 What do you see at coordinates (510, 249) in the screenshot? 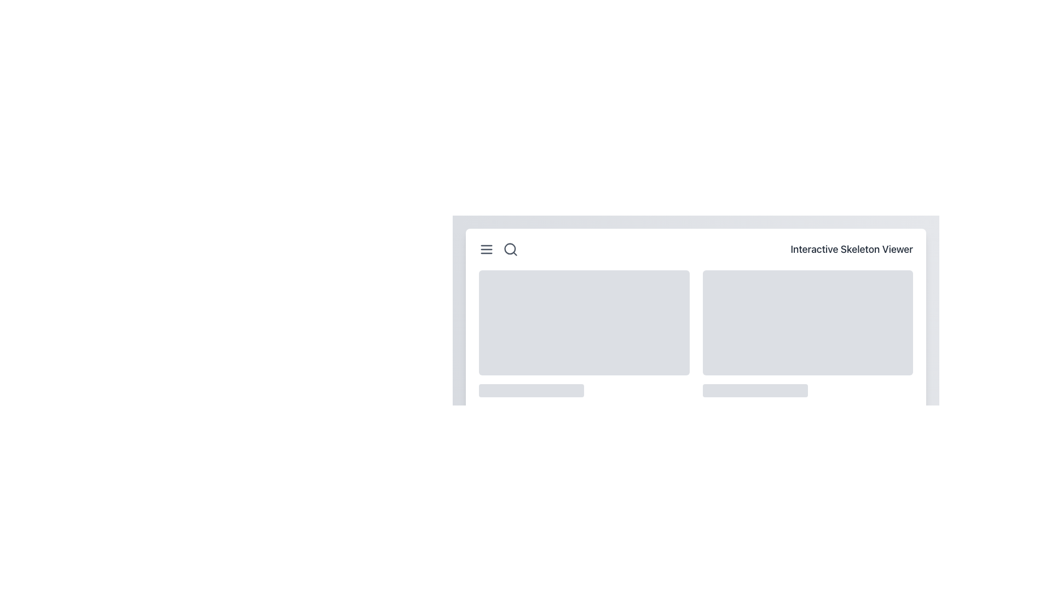
I see `the search icon, which is a gray magnifying glass located in the top bar to the right of the menu icon` at bounding box center [510, 249].